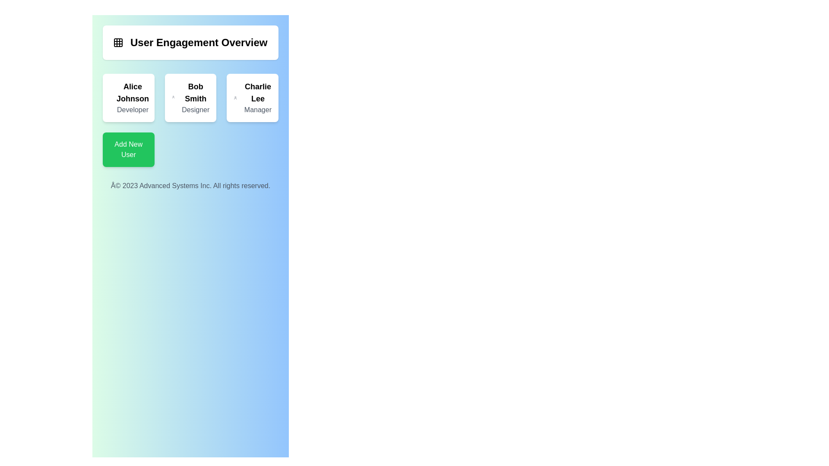  What do you see at coordinates (198, 43) in the screenshot?
I see `the 'User Engagement Overview' text label, which is prominently displayed in a bold, large font at the top center of the interface, located to the right of a grid icon` at bounding box center [198, 43].